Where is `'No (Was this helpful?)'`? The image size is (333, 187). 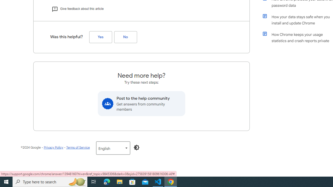 'No (Was this helpful?)' is located at coordinates (125, 37).